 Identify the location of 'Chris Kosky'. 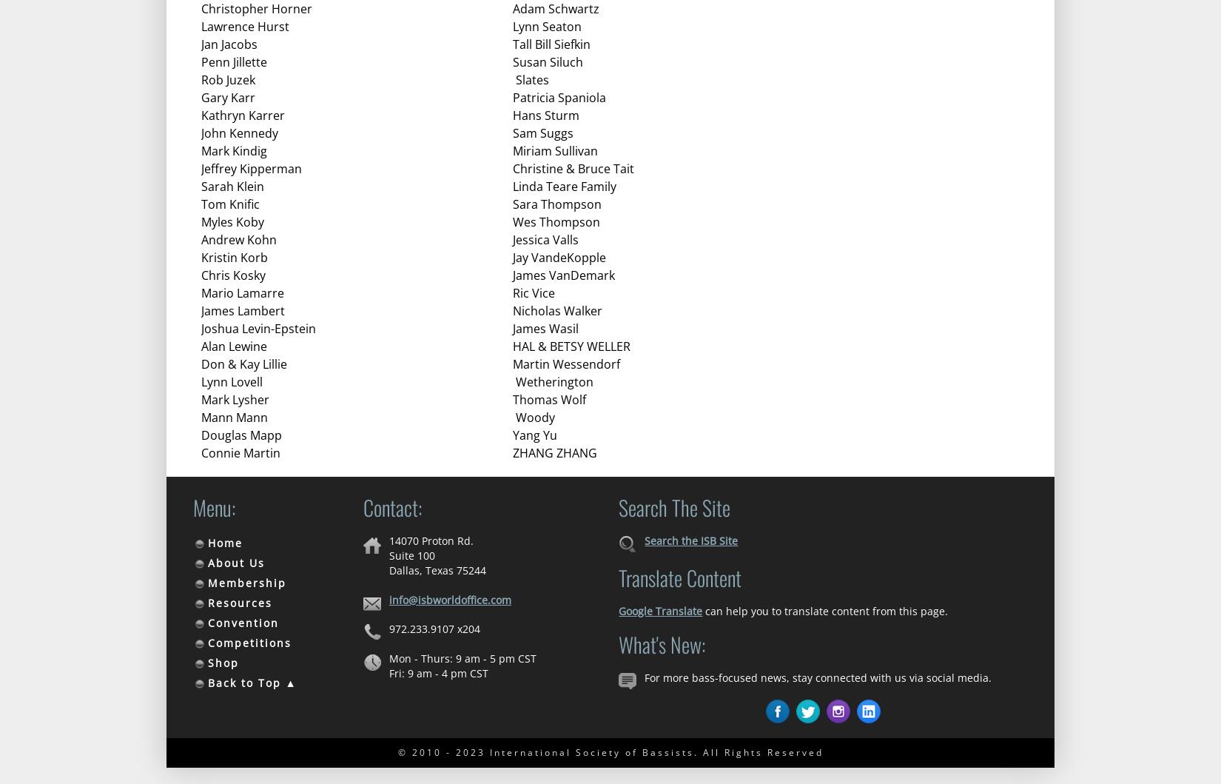
(201, 275).